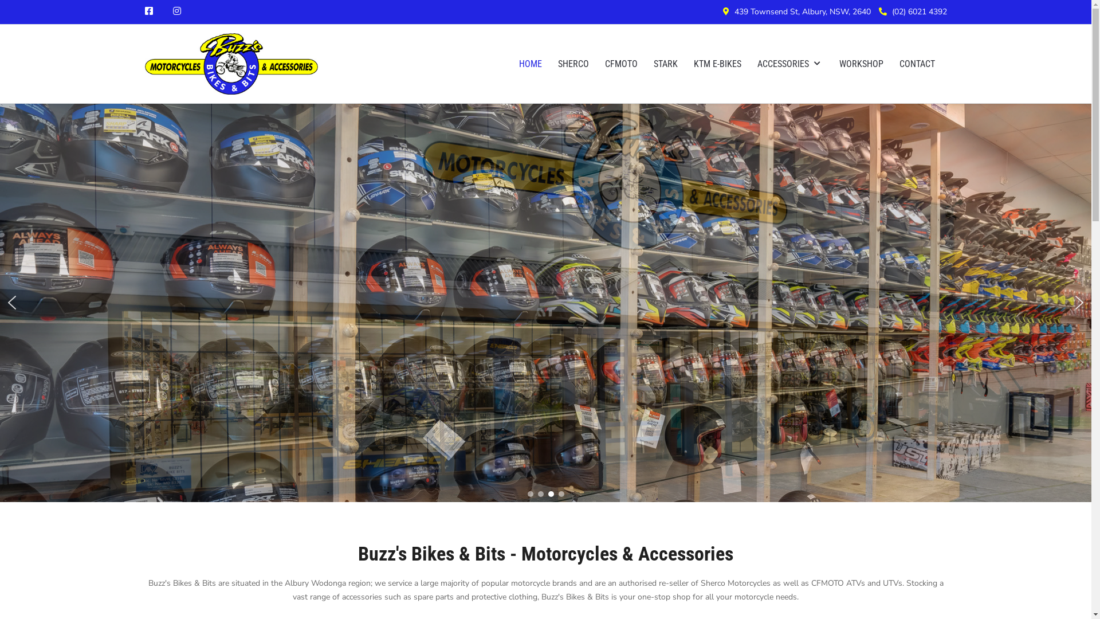 This screenshot has height=619, width=1100. I want to click on '439 Townsend St, Albury, NSW, 2640', so click(802, 11).